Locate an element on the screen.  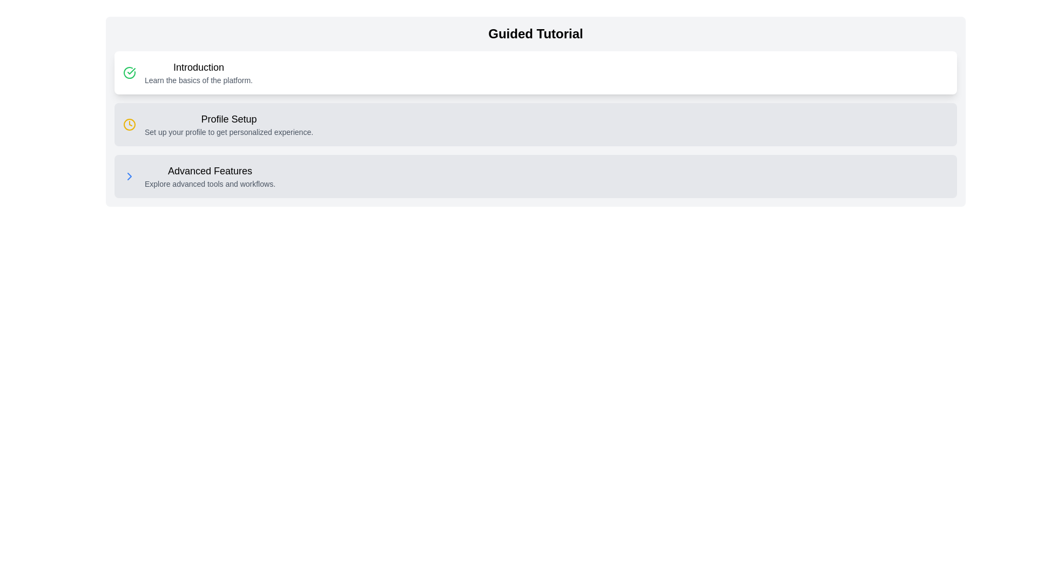
the title and description text block at the top of the first card in the vertically-aligned list of the guided tutorial is located at coordinates (199, 73).